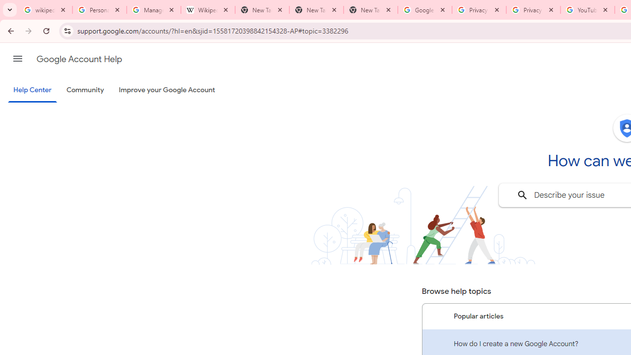 This screenshot has height=355, width=631. I want to click on 'Help Center', so click(32, 90).